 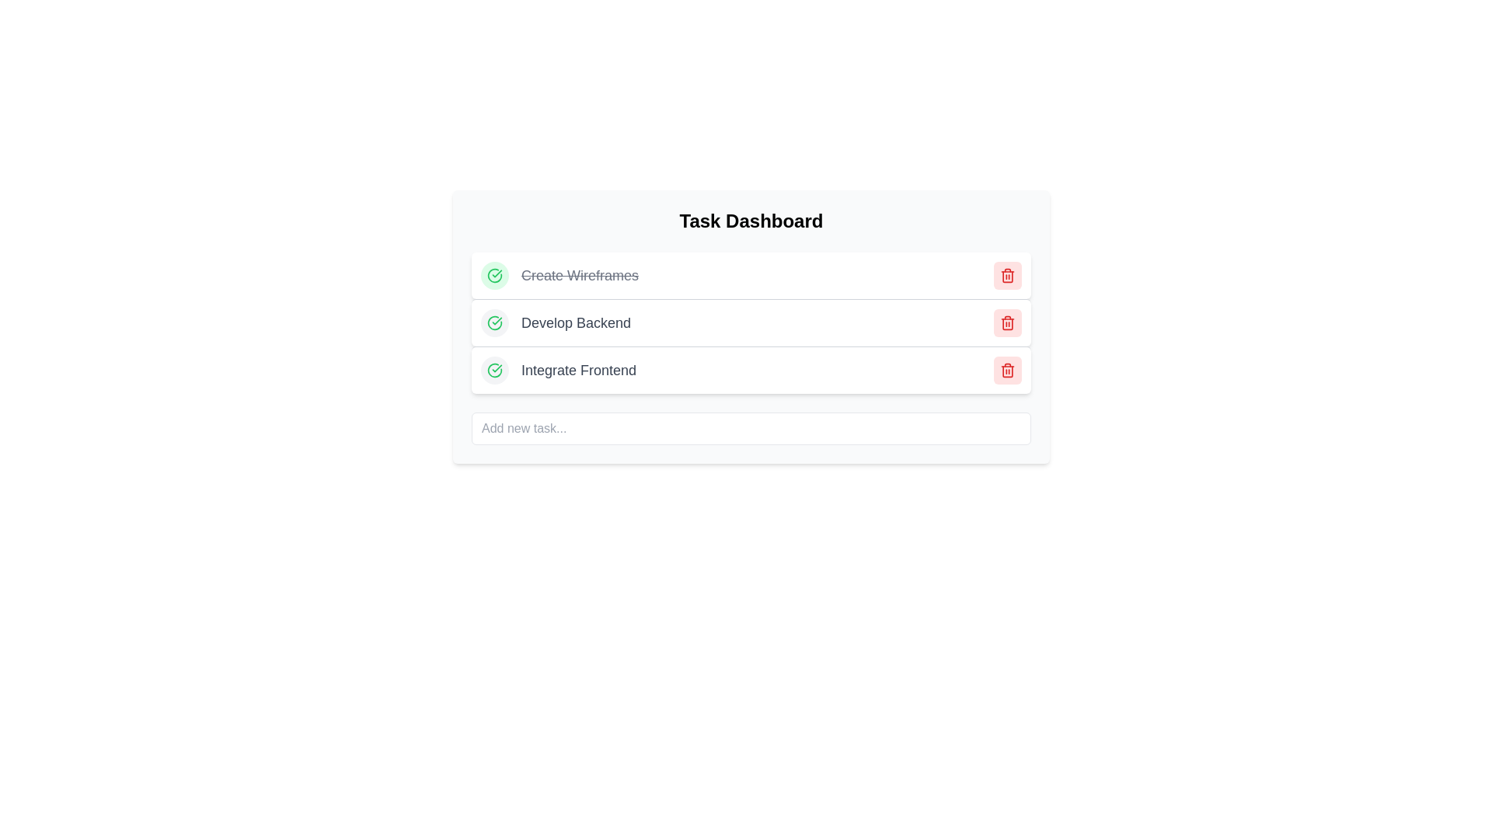 I want to click on the static text label that indicates the completion of the task 'Create Wireframes', which is styled with a strikethrough and located in the first row of the task list on the 'Task Dashboard', so click(x=579, y=274).